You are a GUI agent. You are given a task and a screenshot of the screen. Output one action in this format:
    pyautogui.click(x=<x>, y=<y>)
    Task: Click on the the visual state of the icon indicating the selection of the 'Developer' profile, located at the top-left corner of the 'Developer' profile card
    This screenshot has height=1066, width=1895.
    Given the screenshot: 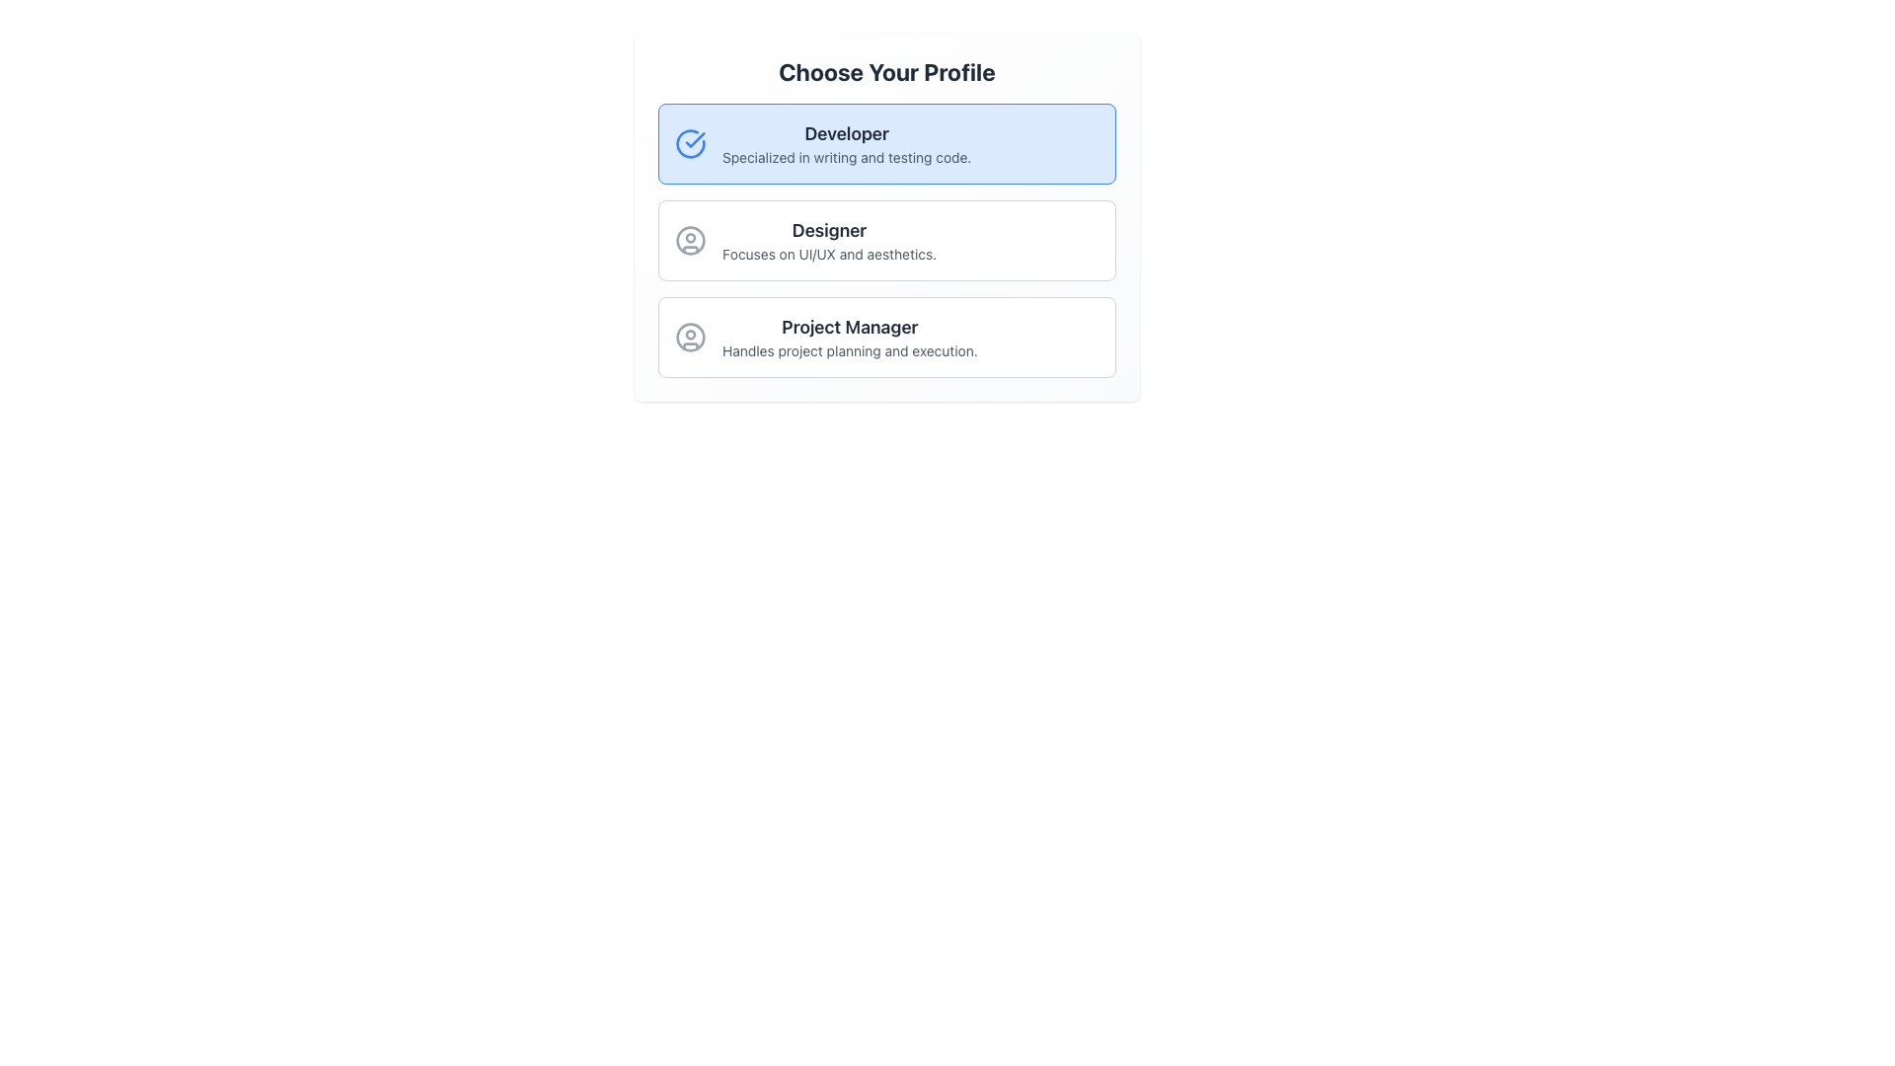 What is the action you would take?
    pyautogui.click(x=691, y=143)
    